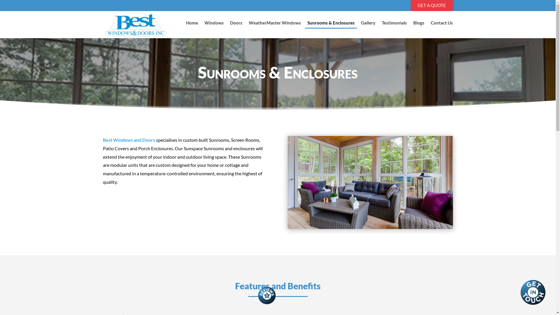  I want to click on 'Gallery', so click(368, 27).